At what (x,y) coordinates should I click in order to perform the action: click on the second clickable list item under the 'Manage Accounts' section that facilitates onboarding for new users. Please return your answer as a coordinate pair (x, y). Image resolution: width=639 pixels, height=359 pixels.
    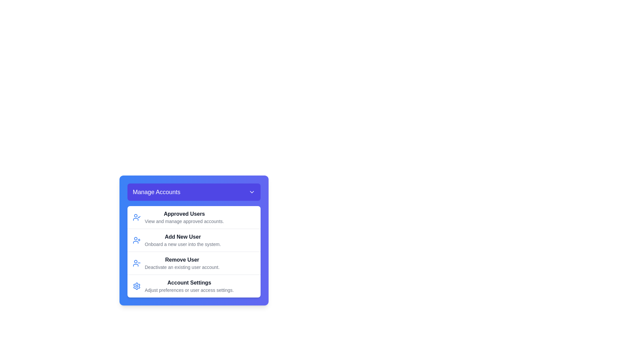
    Looking at the image, I should click on (193, 240).